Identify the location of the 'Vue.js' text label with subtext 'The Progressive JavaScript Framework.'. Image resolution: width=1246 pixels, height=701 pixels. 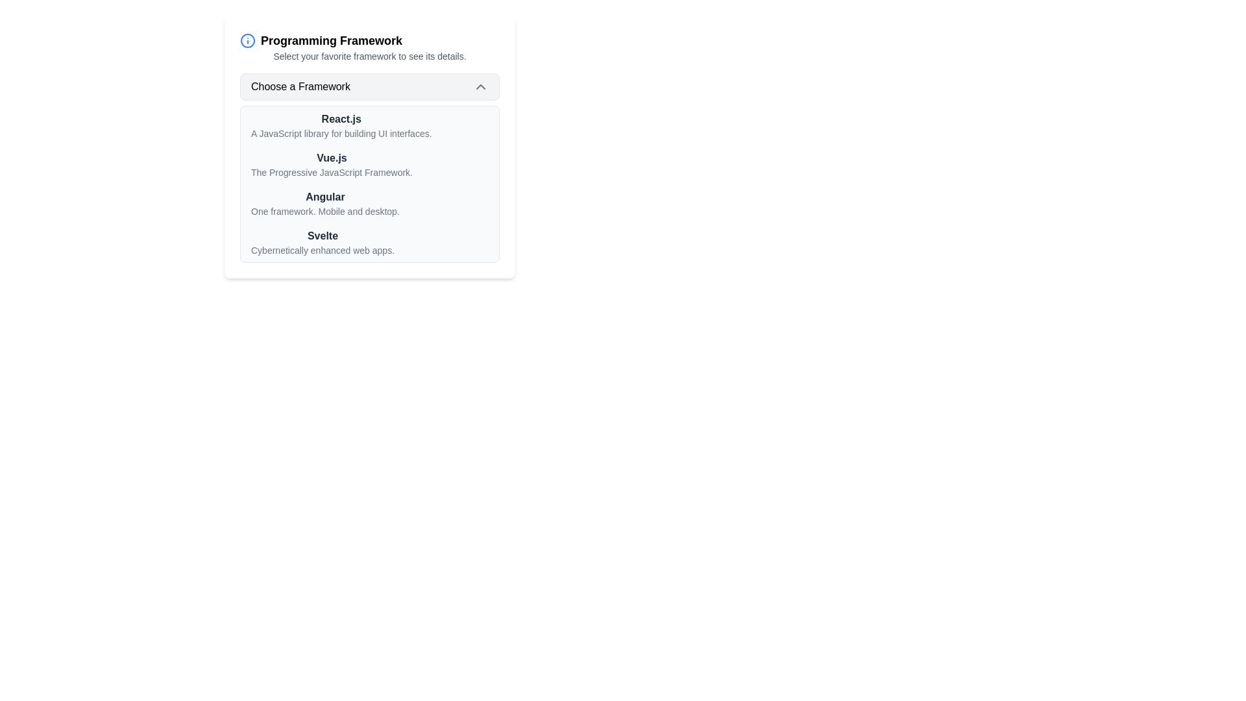
(332, 164).